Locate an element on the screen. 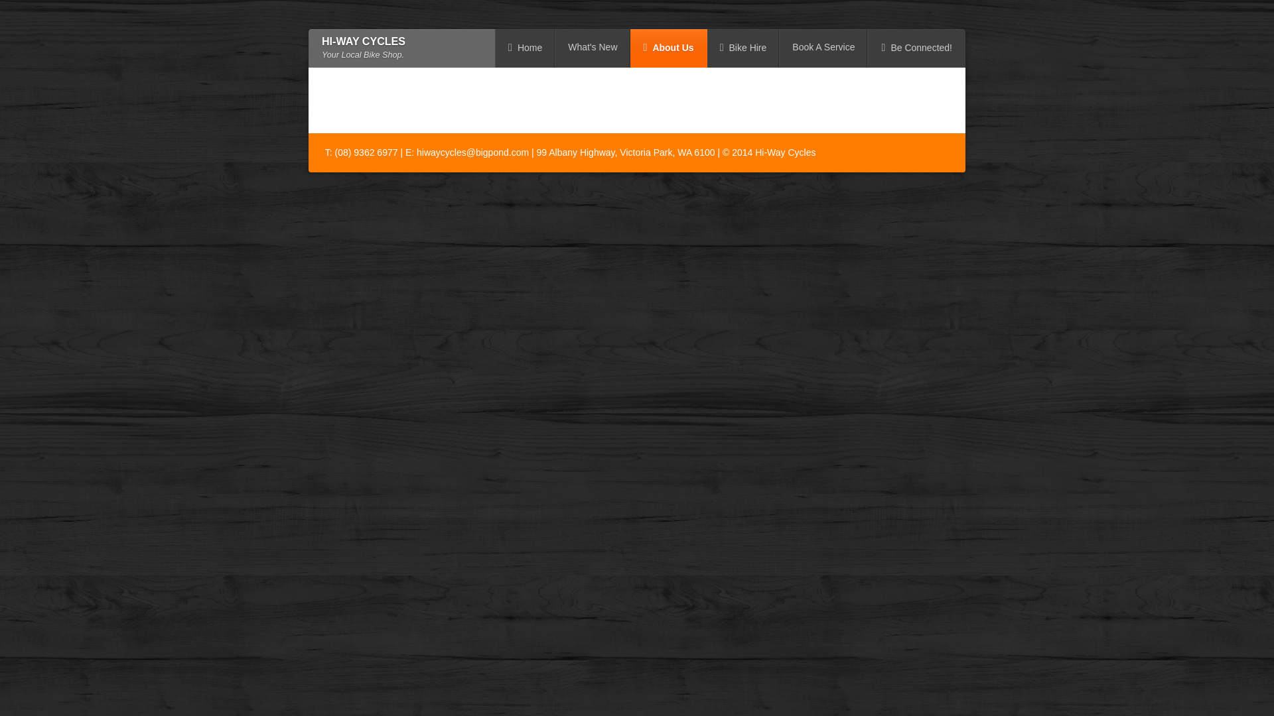 The width and height of the screenshot is (1274, 716). 'Book A Service' is located at coordinates (823, 48).